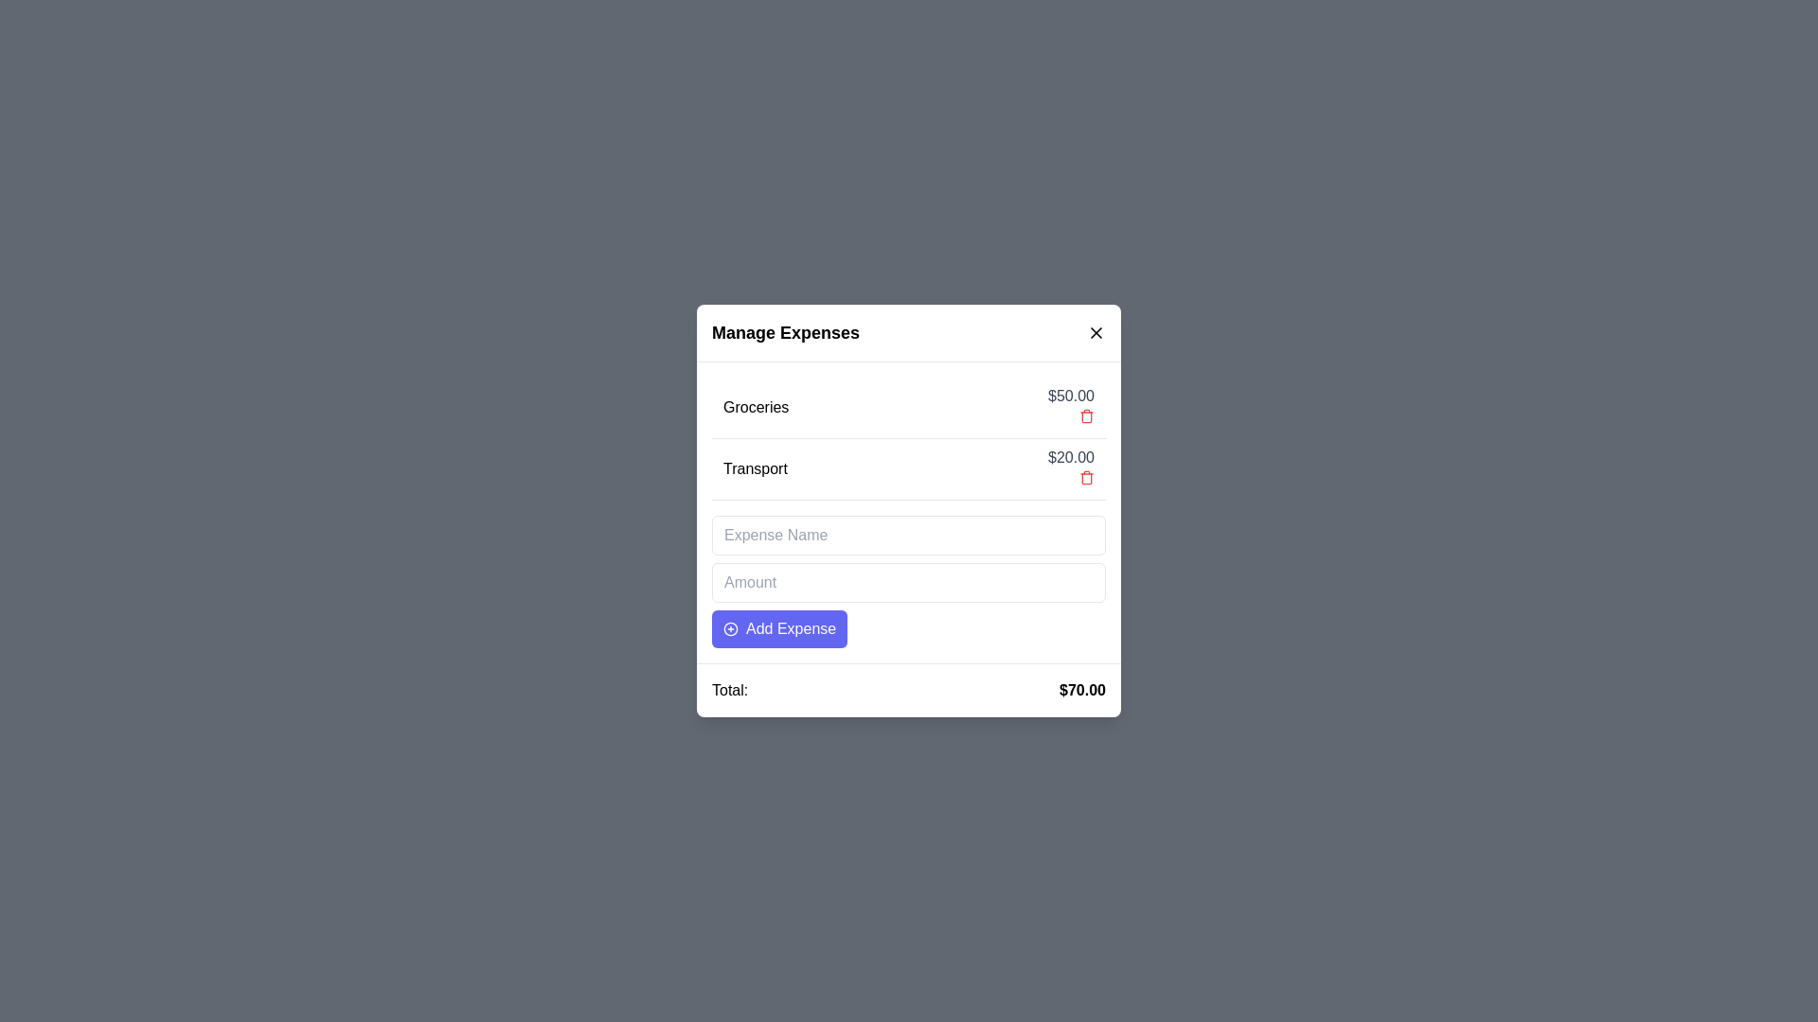  Describe the element at coordinates (729, 690) in the screenshot. I see `the text label displaying 'Total:' located on the left side of the interface, positioned at the bottom section of the layout` at that location.